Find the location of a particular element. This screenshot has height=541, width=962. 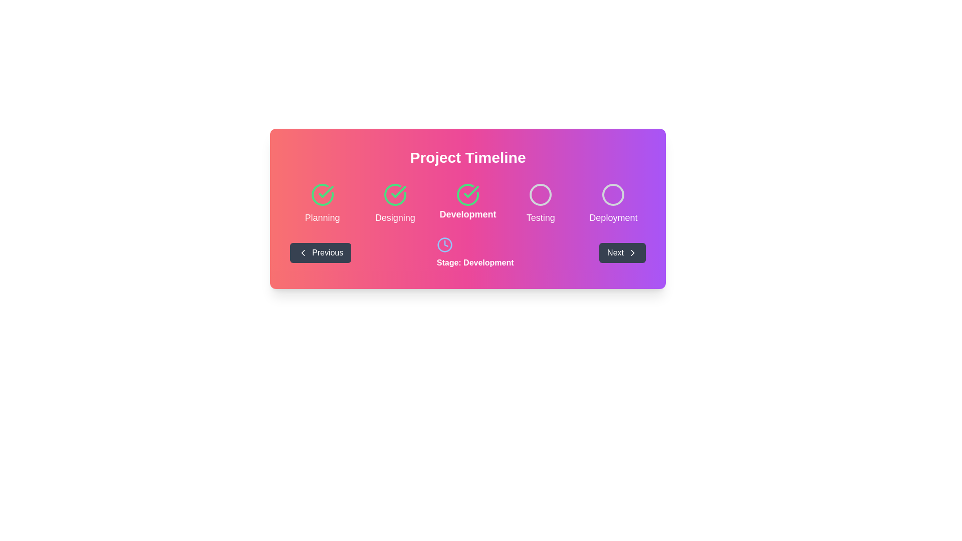

the second circular icon with a checkmark indicator representing the 'Designing' stage in the project timeline, located under the 'Project Timeline' heading is located at coordinates (394, 195).